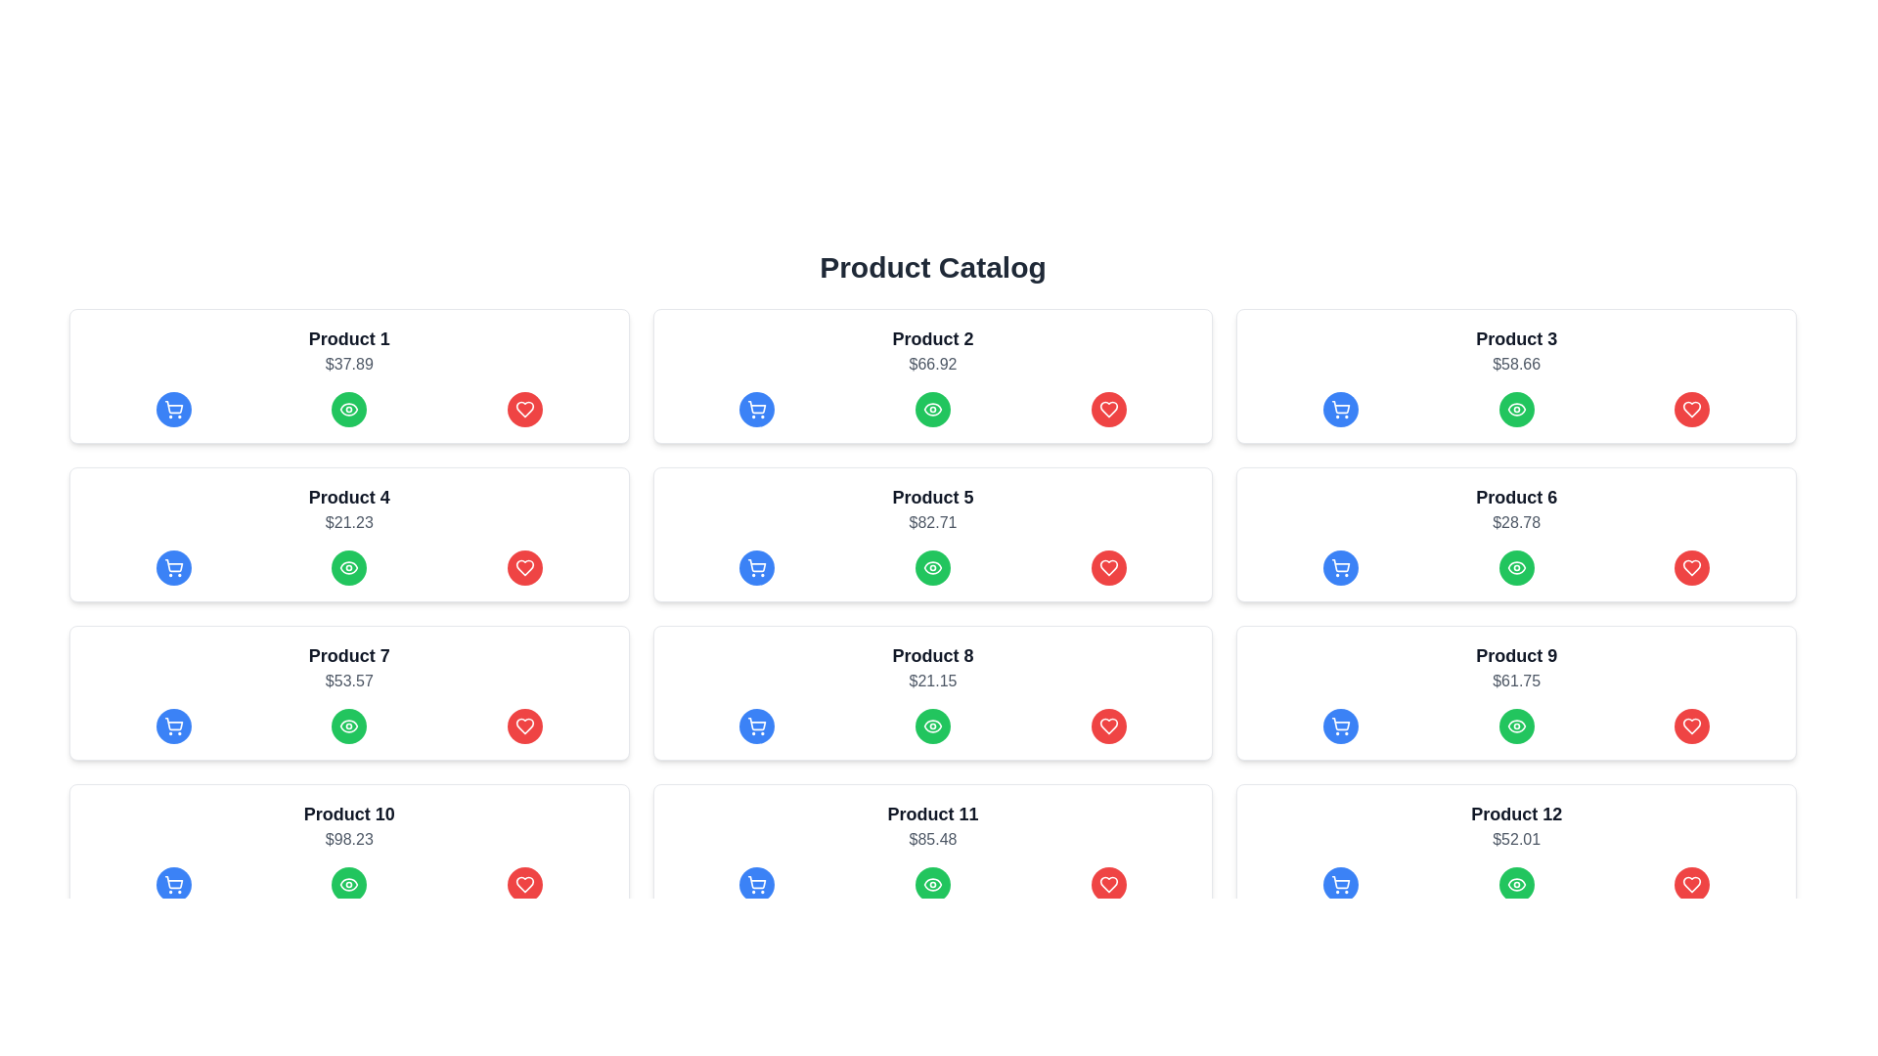 This screenshot has height=1056, width=1878. I want to click on the text displaying the monetary value '$58.66' located in the 'Product 3' card, so click(1515, 365).